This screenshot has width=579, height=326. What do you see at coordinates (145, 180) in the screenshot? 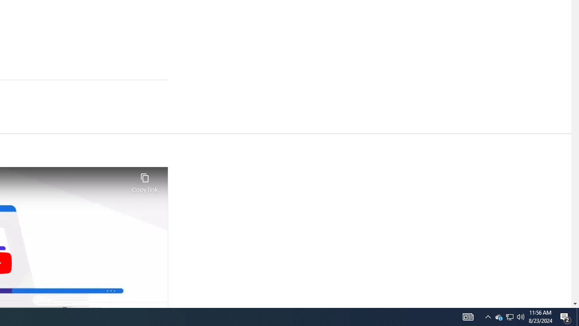
I see `'Copy link'` at bounding box center [145, 180].